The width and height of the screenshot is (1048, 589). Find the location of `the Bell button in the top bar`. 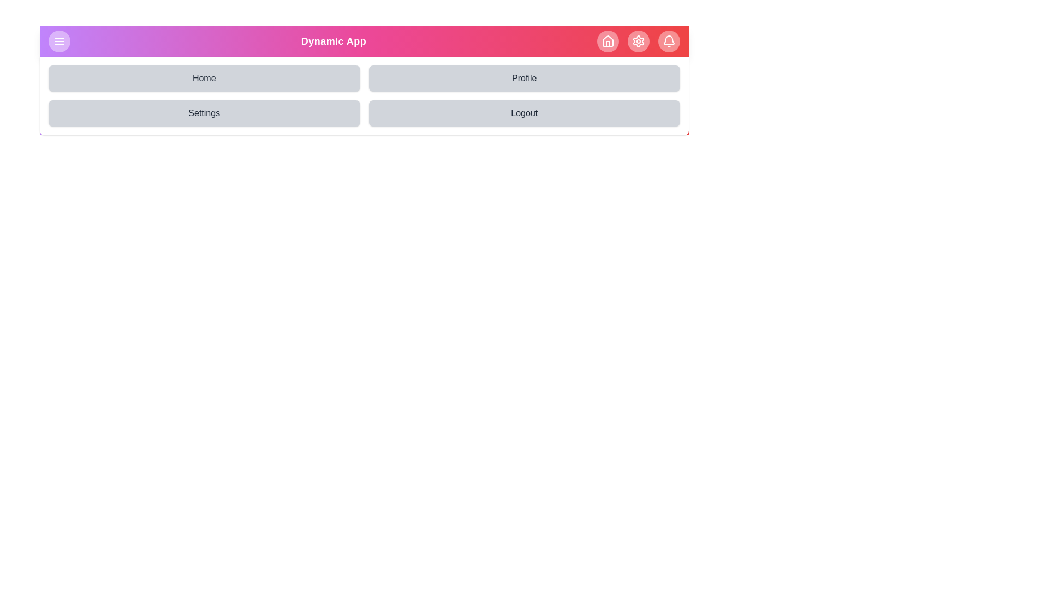

the Bell button in the top bar is located at coordinates (668, 41).